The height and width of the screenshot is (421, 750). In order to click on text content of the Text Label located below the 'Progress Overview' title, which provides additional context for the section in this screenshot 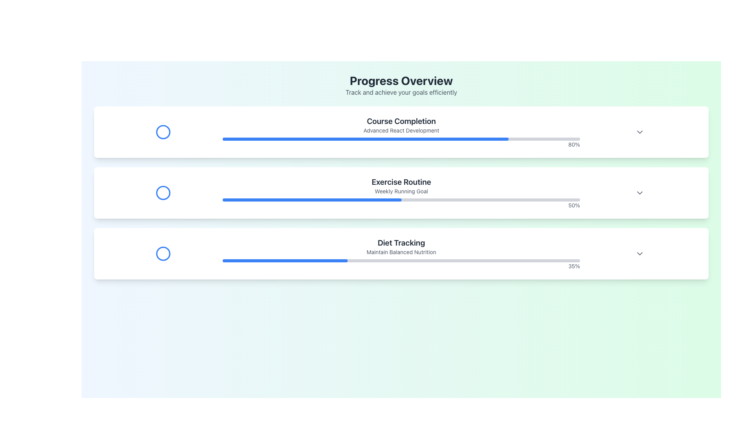, I will do `click(401, 92)`.